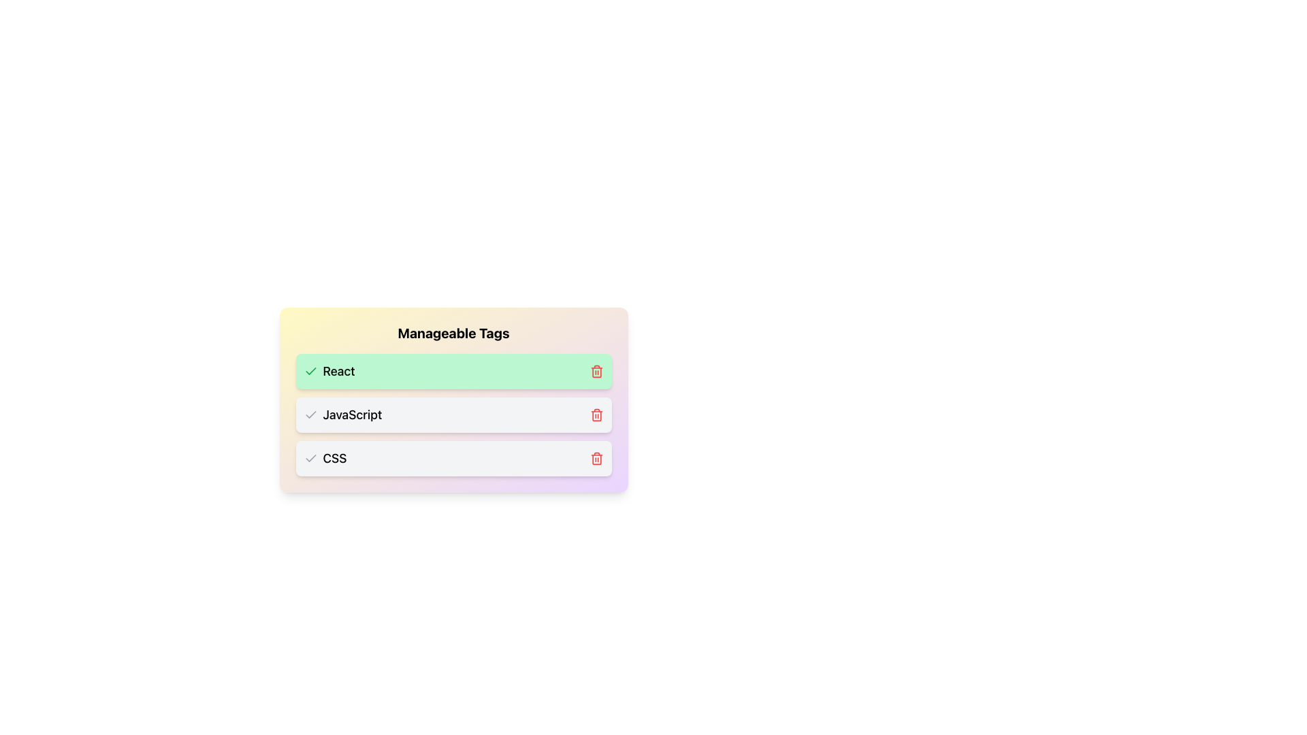  Describe the element at coordinates (352, 414) in the screenshot. I see `the 'JavaScript' tag label, which is the second item in the 'Manageable Tags' list, positioned below 'React' and above 'CSS'` at that location.